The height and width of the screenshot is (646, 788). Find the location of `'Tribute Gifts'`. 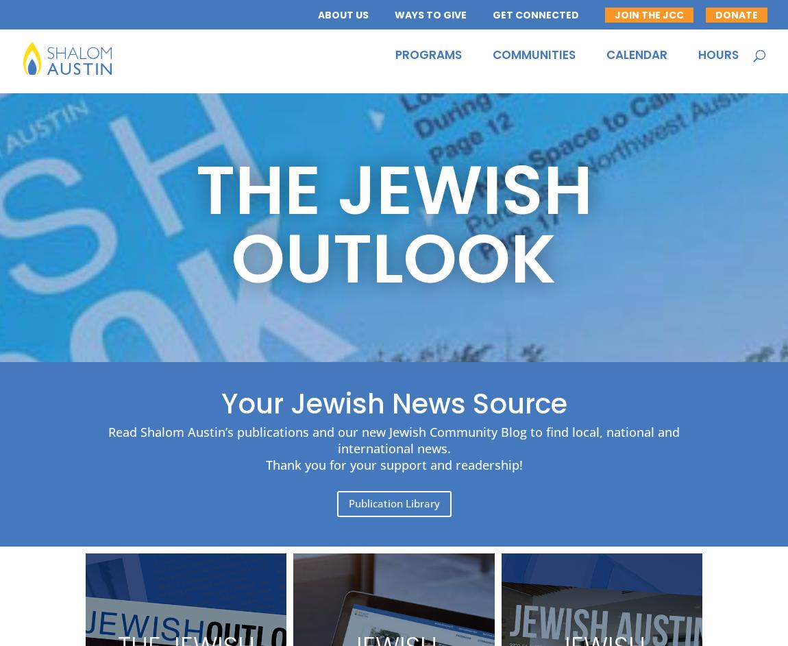

'Tribute Gifts' is located at coordinates (384, 149).